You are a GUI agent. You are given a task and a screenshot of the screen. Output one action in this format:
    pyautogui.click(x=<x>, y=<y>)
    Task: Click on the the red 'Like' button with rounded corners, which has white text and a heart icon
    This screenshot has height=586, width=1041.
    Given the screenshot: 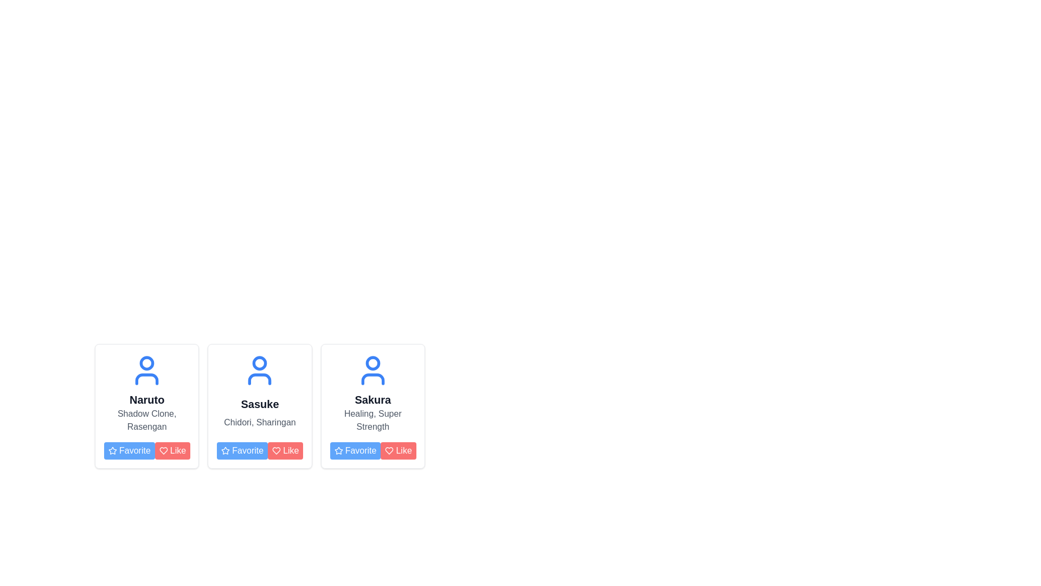 What is the action you would take?
    pyautogui.click(x=172, y=450)
    